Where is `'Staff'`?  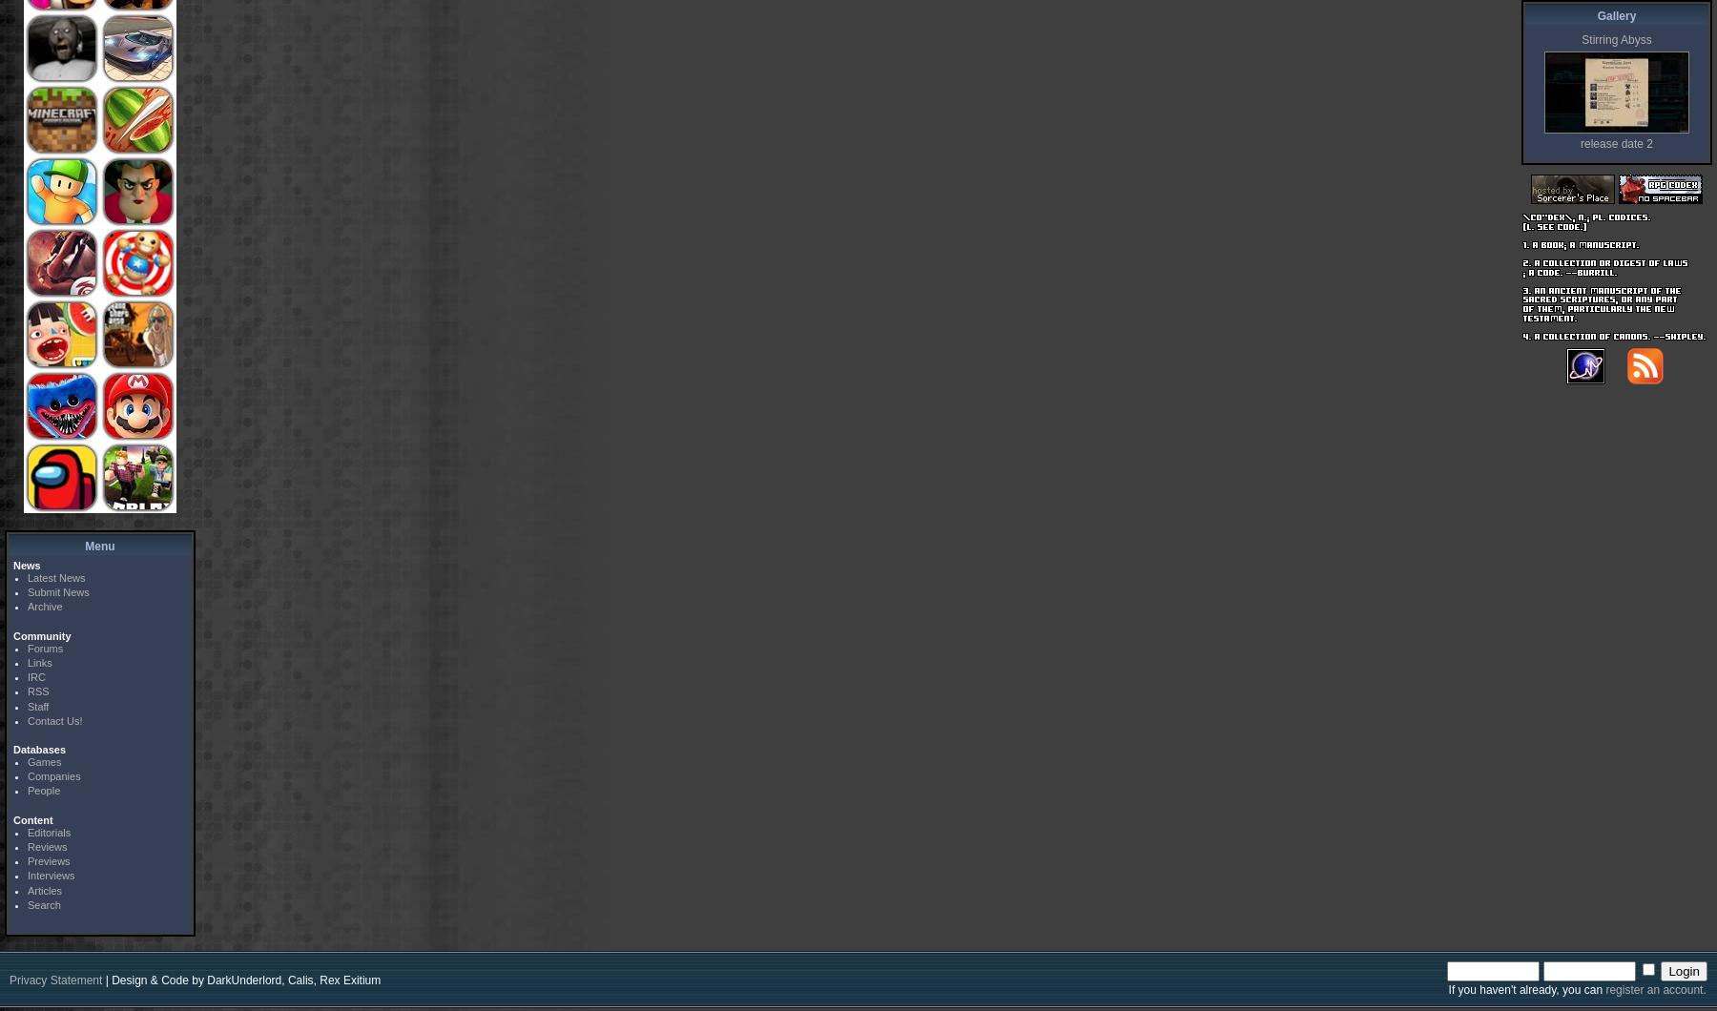
'Staff' is located at coordinates (36, 704).